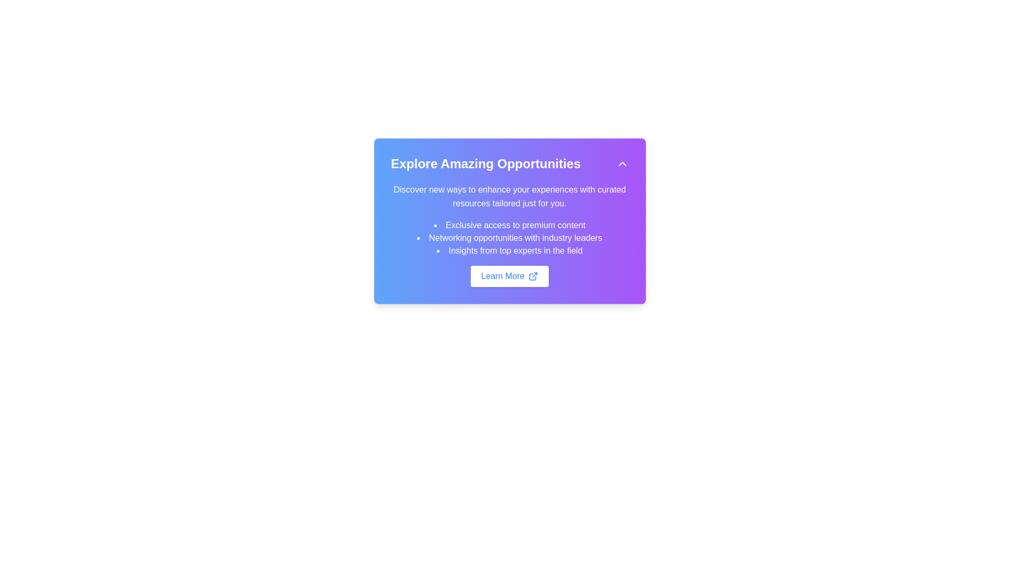 The image size is (1019, 573). Describe the element at coordinates (509, 251) in the screenshot. I see `the third bullet point item in the list under the heading 'Explore Amazing Opportunities', which provides information about one of the benefits` at that location.